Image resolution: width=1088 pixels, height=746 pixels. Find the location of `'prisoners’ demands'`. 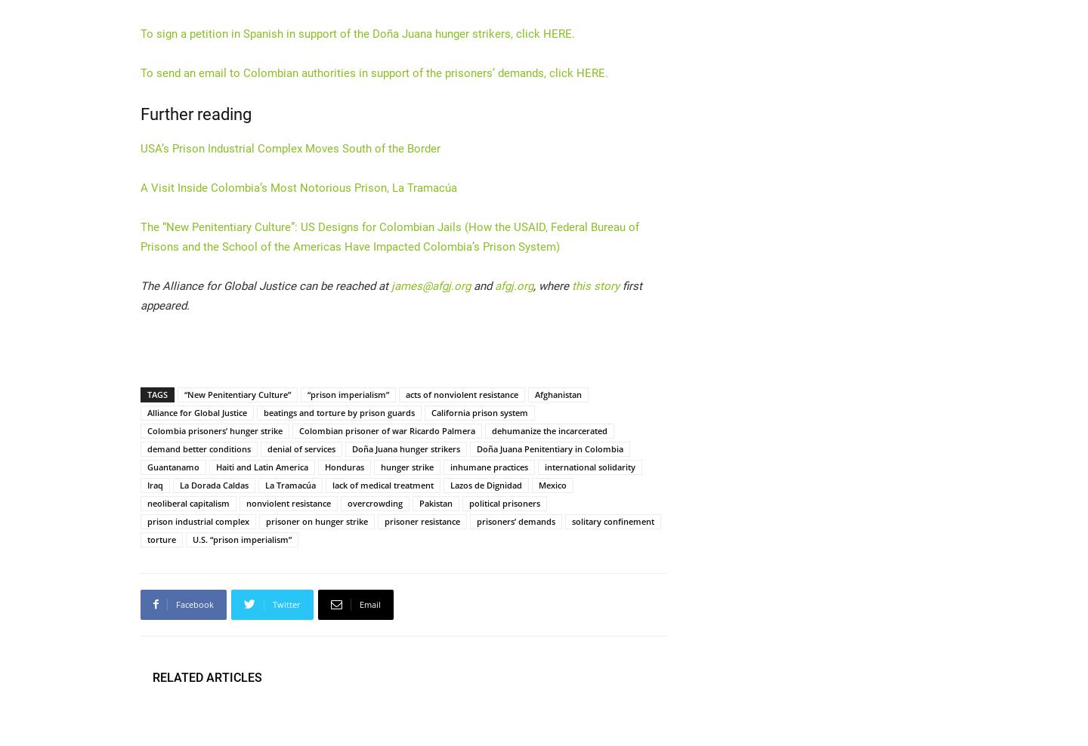

'prisoners’ demands' is located at coordinates (515, 520).